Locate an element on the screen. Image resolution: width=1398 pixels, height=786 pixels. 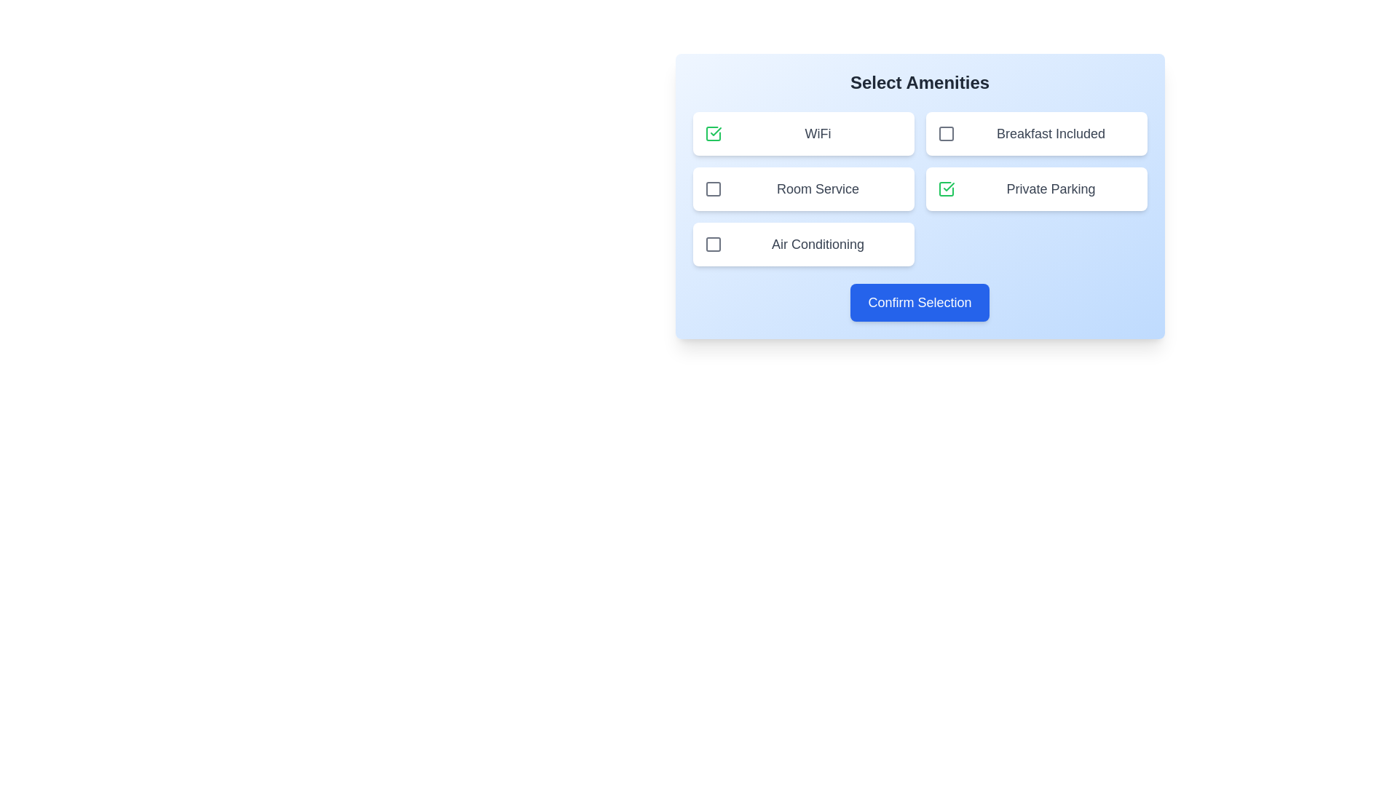
the green checkmark icon in the checkbox for the 'WiFi' option in the amenities selection interface is located at coordinates (716, 132).